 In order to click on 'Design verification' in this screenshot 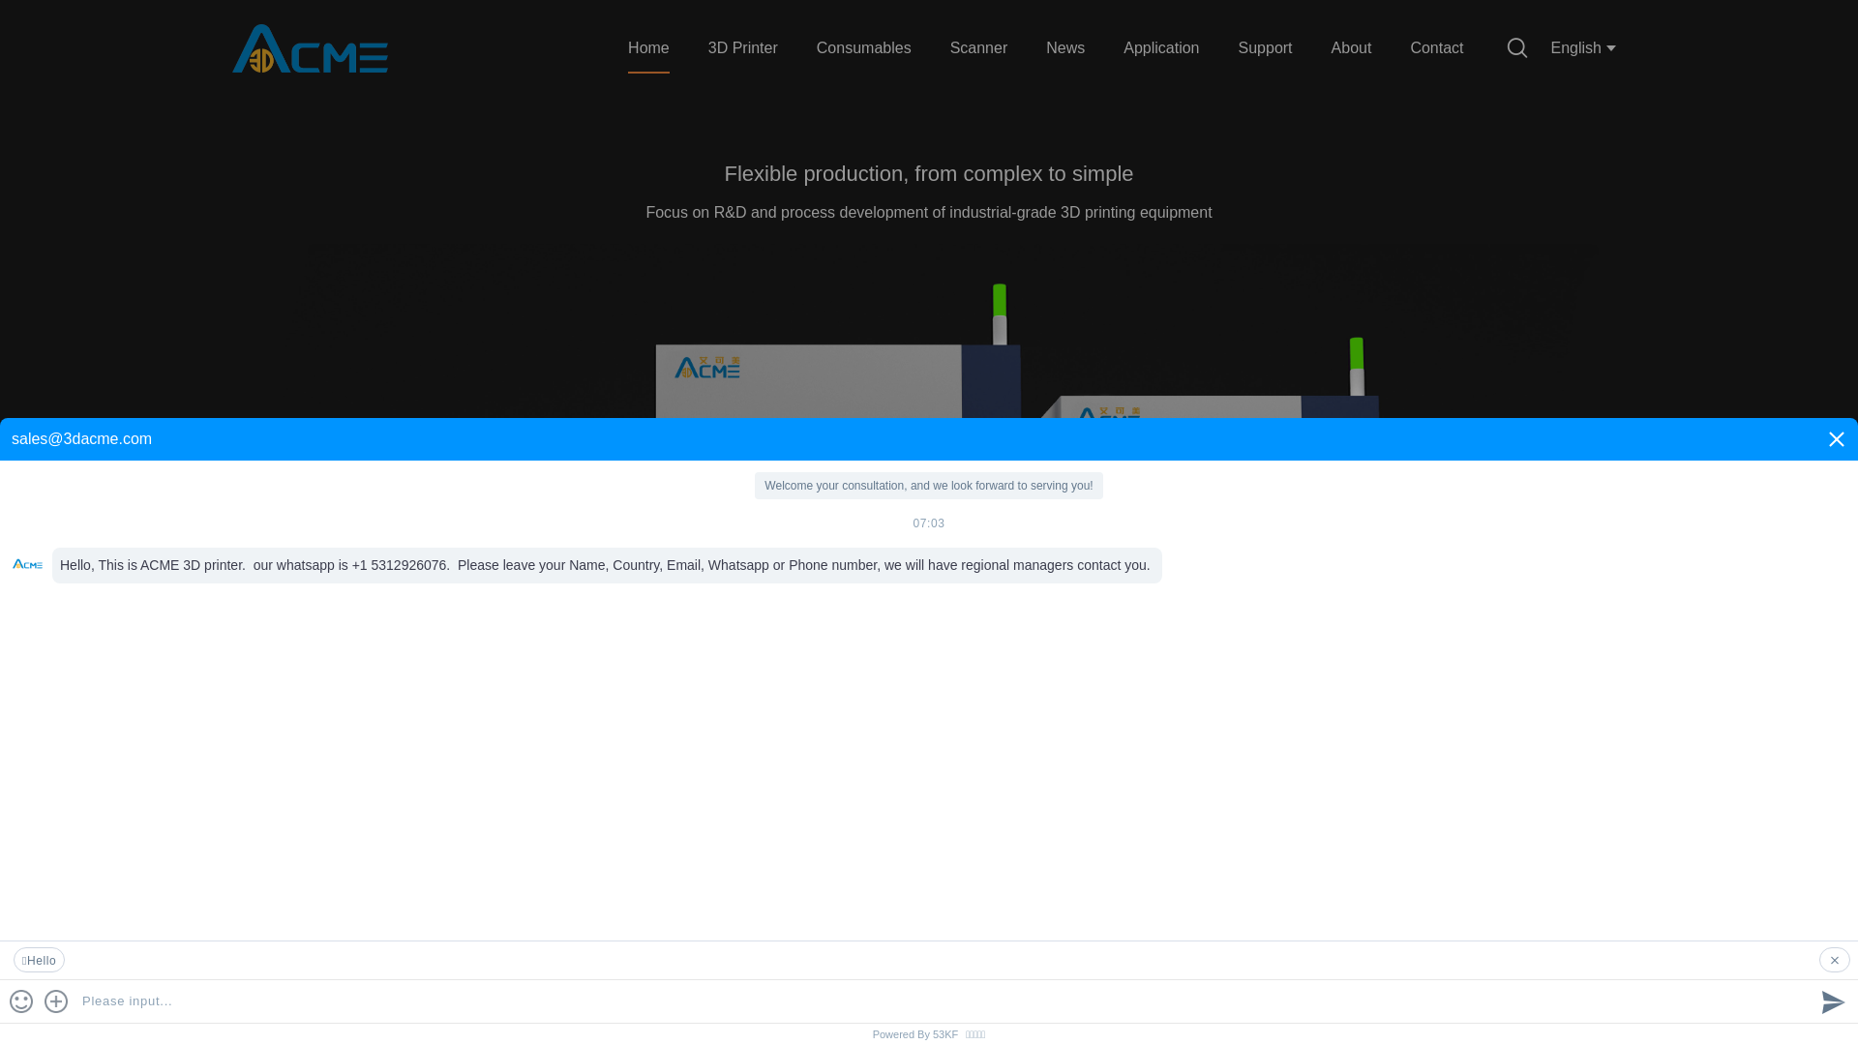, I will do `click(1103, 995)`.